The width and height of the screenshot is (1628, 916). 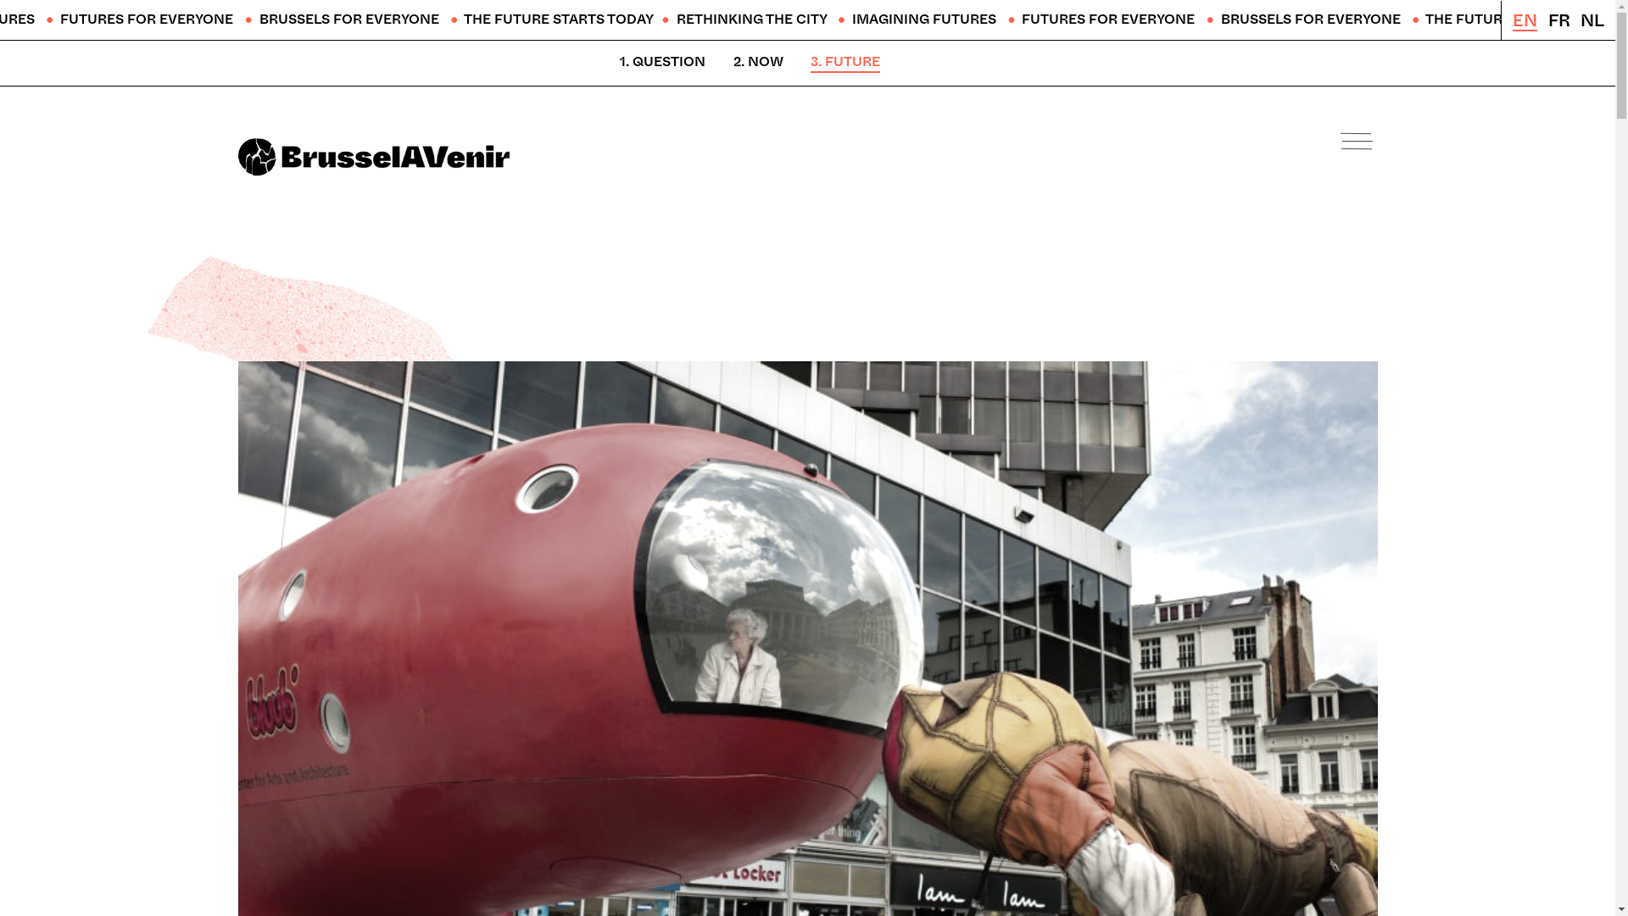 What do you see at coordinates (1591, 20) in the screenshot?
I see `'NL'` at bounding box center [1591, 20].